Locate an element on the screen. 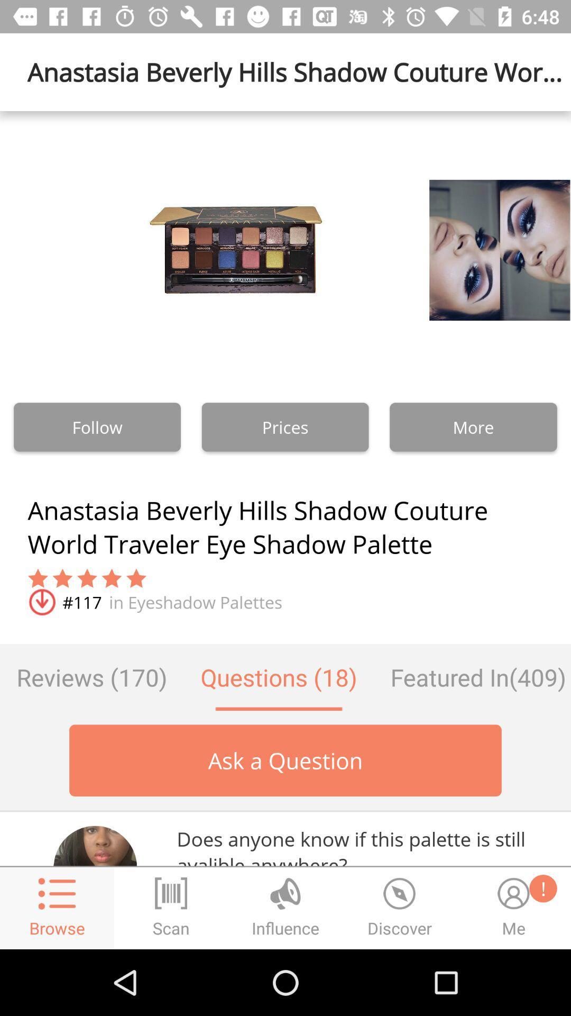 This screenshot has height=1016, width=571. the image which is above the follow and prices button is located at coordinates (235, 249).